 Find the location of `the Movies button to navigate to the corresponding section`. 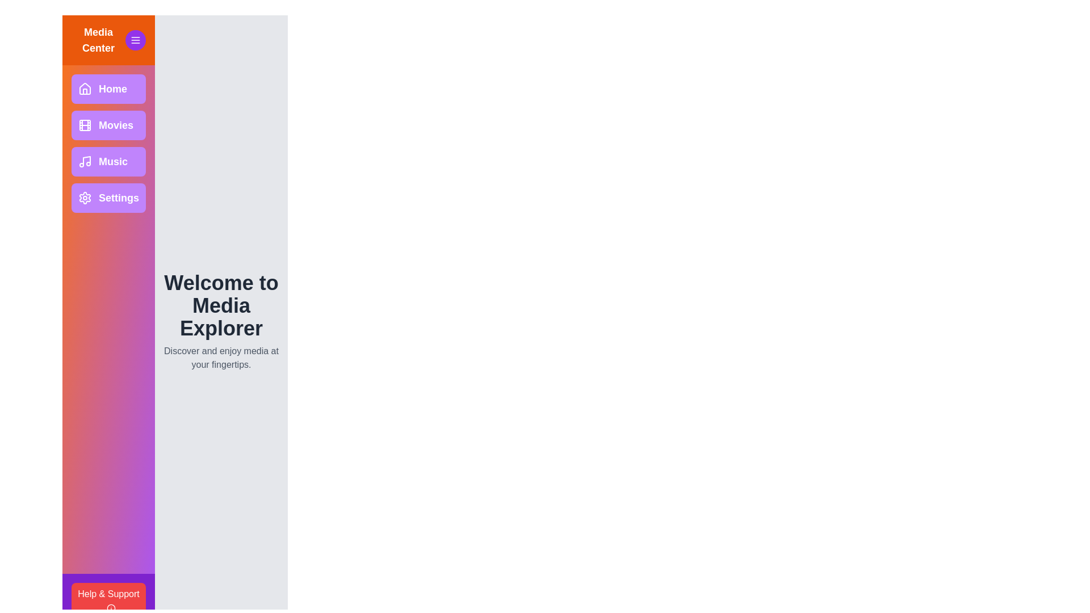

the Movies button to navigate to the corresponding section is located at coordinates (108, 125).